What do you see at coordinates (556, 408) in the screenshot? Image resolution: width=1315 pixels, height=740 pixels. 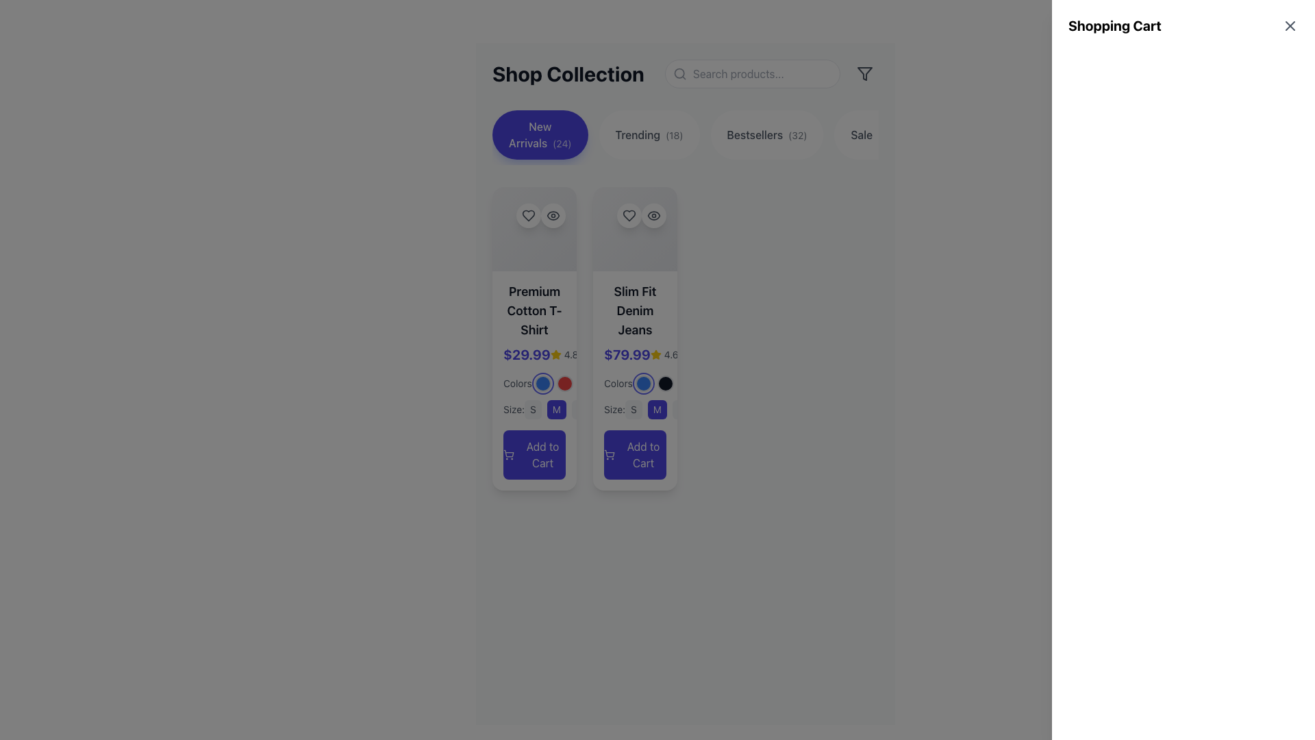 I see `the small interactive button with a dark blue background displaying 'M' in white, located in the 'Size' selection section below the product description` at bounding box center [556, 408].